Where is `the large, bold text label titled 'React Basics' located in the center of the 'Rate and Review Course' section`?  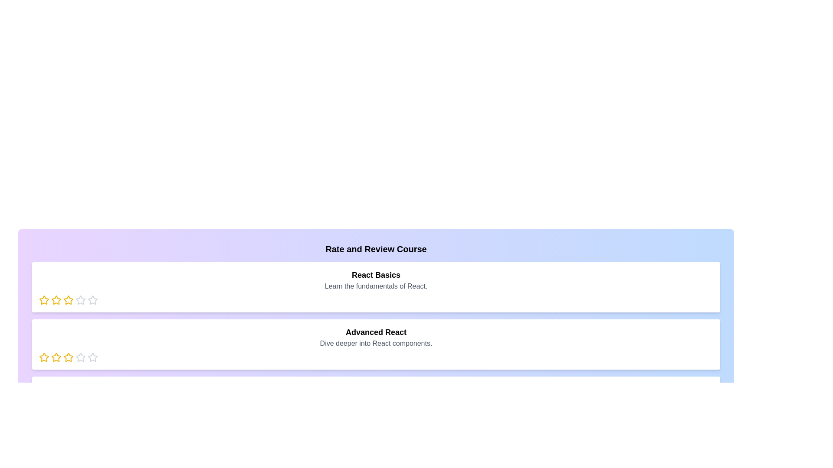 the large, bold text label titled 'React Basics' located in the center of the 'Rate and Review Course' section is located at coordinates (376, 275).